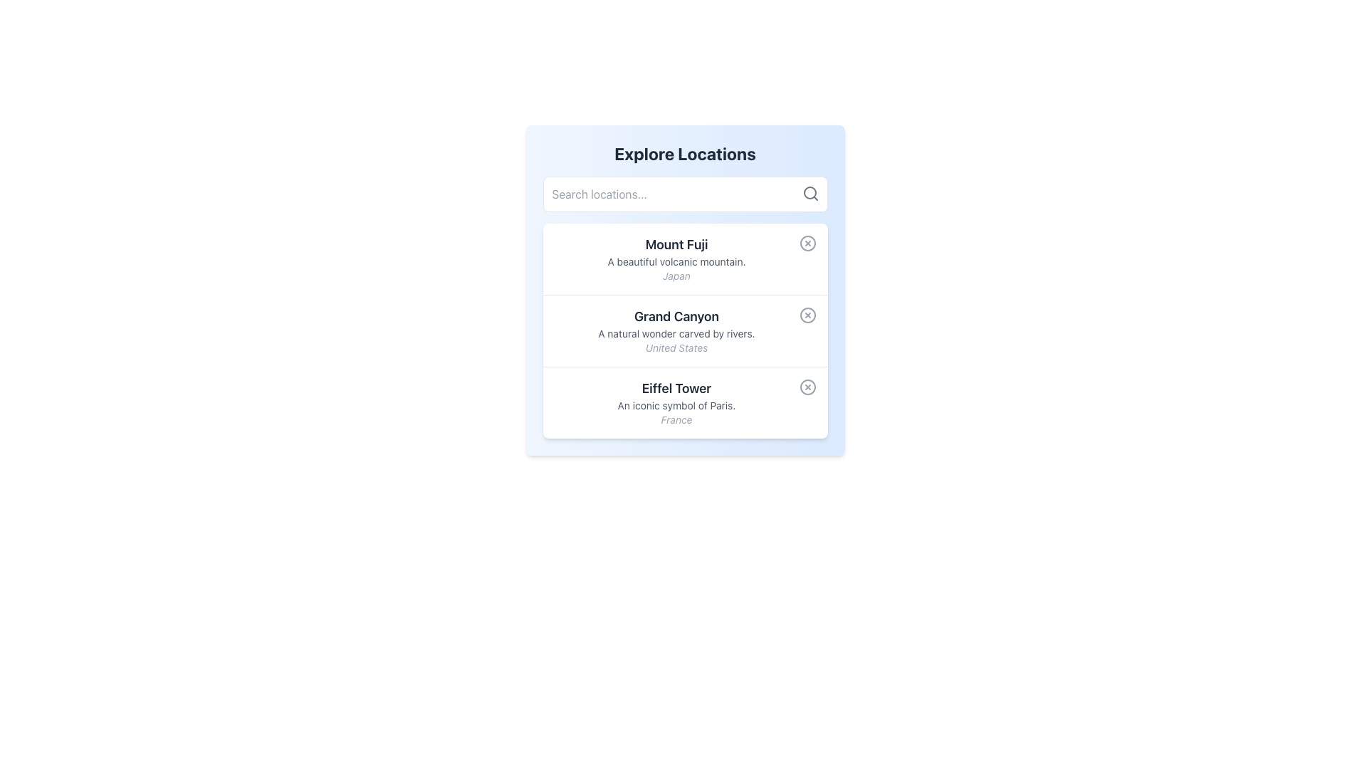 The width and height of the screenshot is (1367, 769). I want to click on the static text that provides additional descriptive information about 'Grand Canyon', which is positioned below the title 'Grand Canyon' and above 'United States' in the 'Explore Locations' list, so click(676, 334).